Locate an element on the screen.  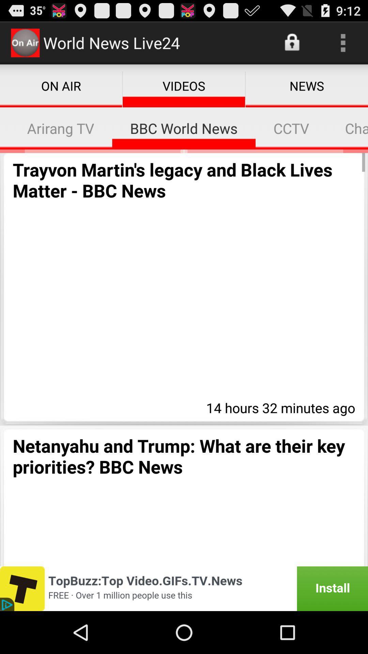
install advertisement is located at coordinates (184, 588).